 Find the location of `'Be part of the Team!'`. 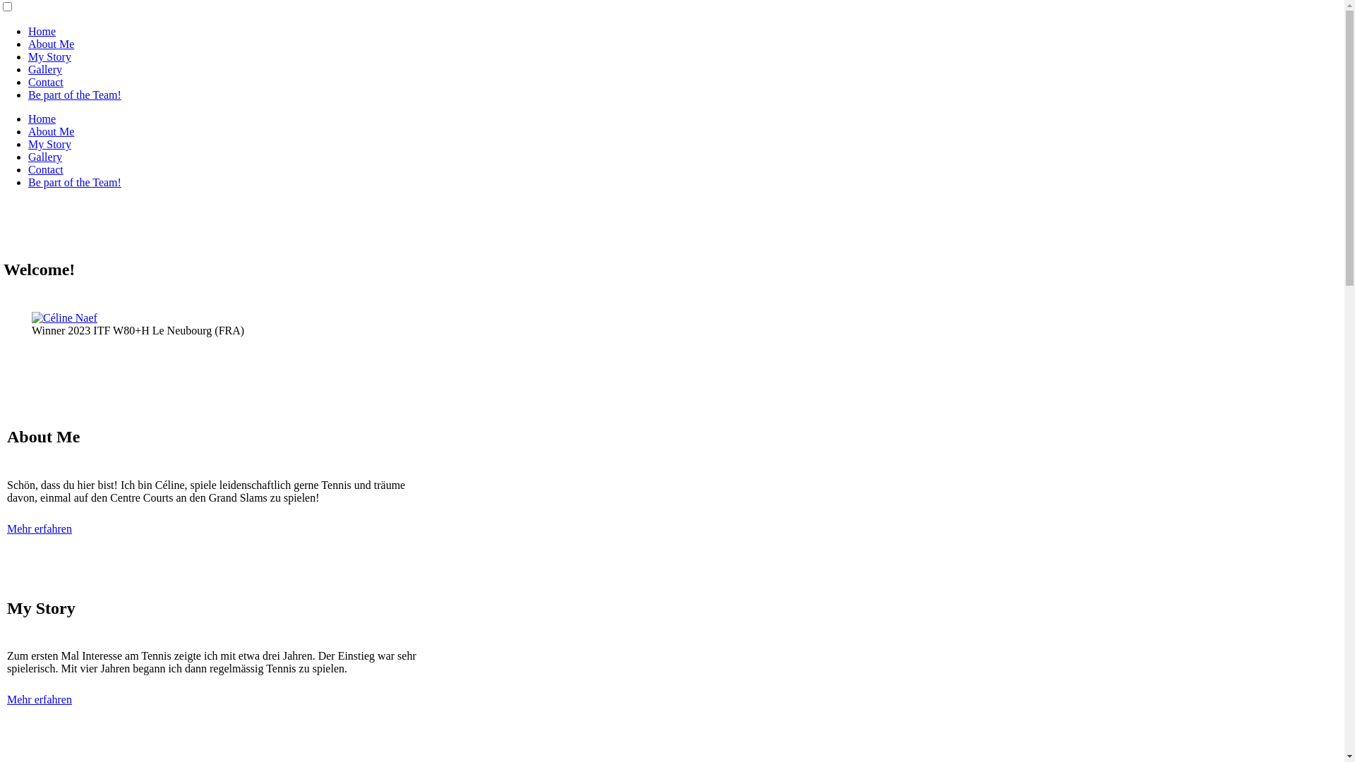

'Be part of the Team!' is located at coordinates (73, 181).